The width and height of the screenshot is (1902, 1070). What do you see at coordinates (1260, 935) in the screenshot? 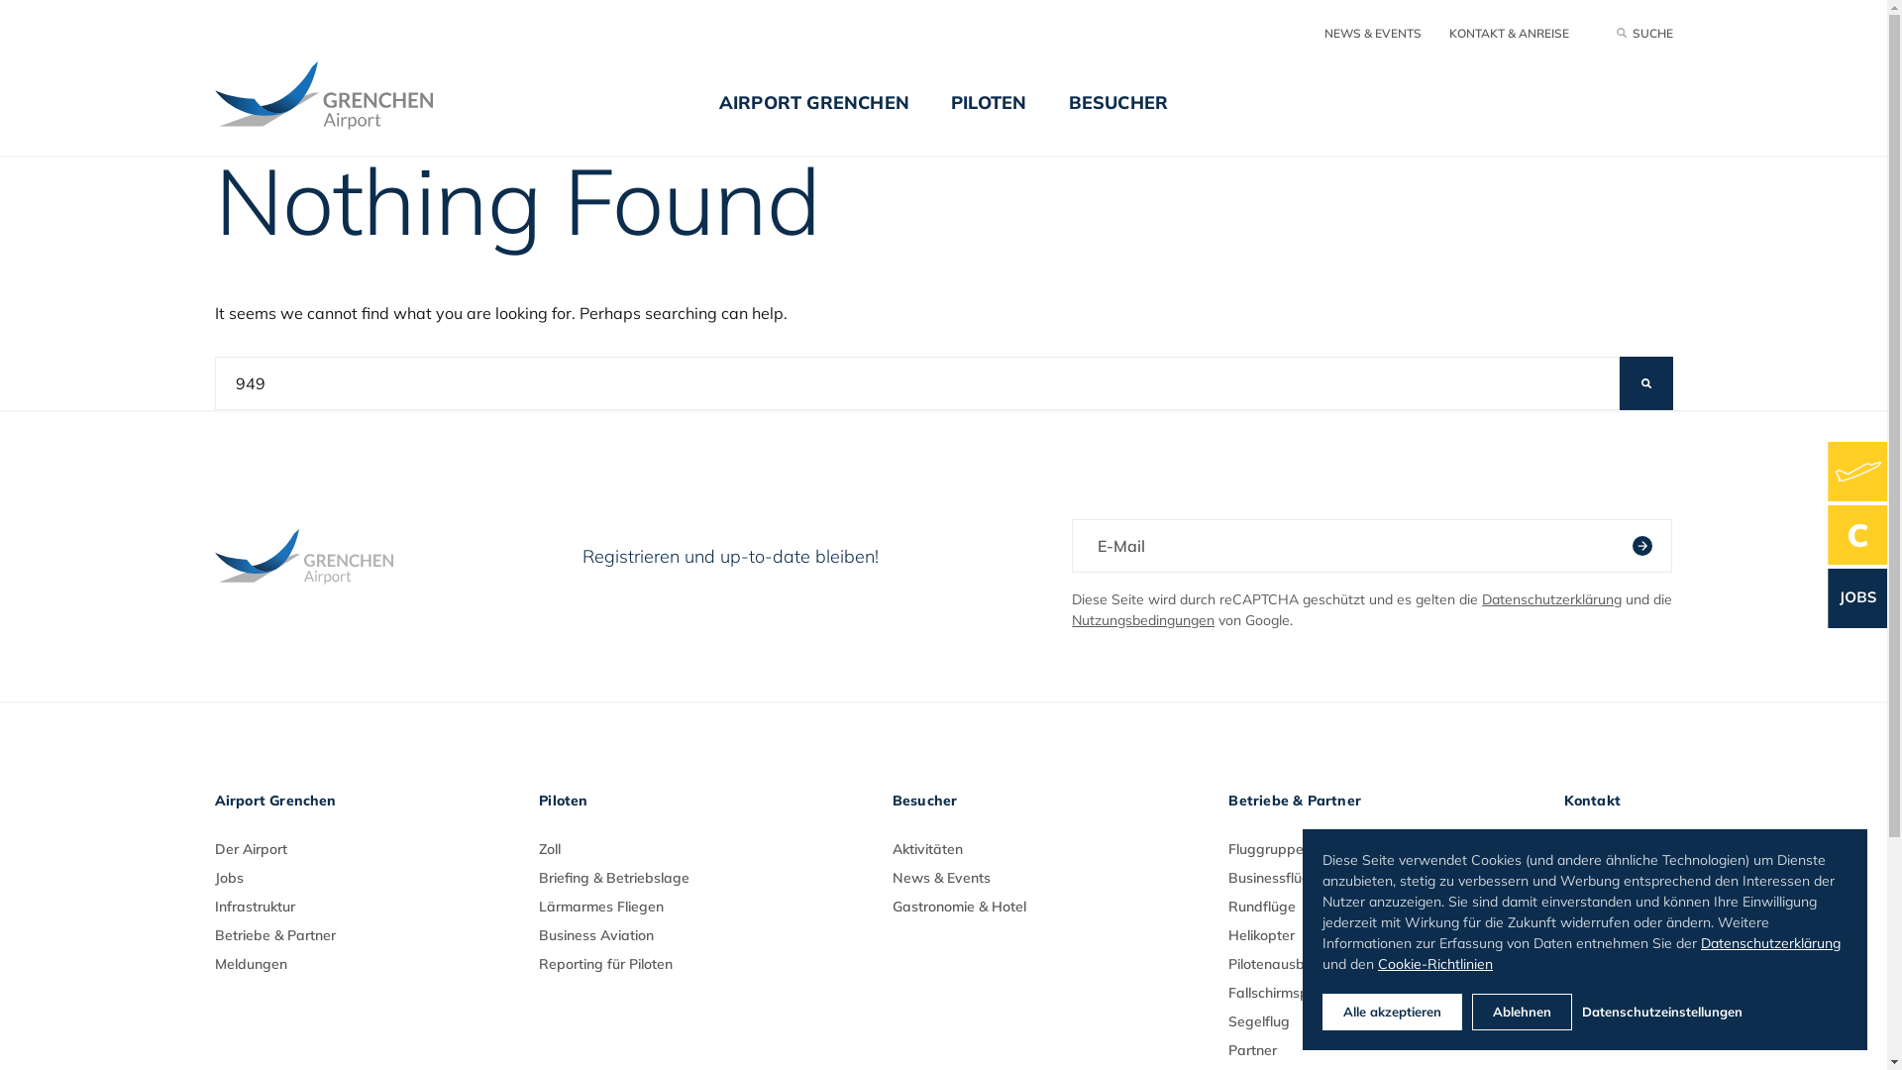
I see `'Helikopter'` at bounding box center [1260, 935].